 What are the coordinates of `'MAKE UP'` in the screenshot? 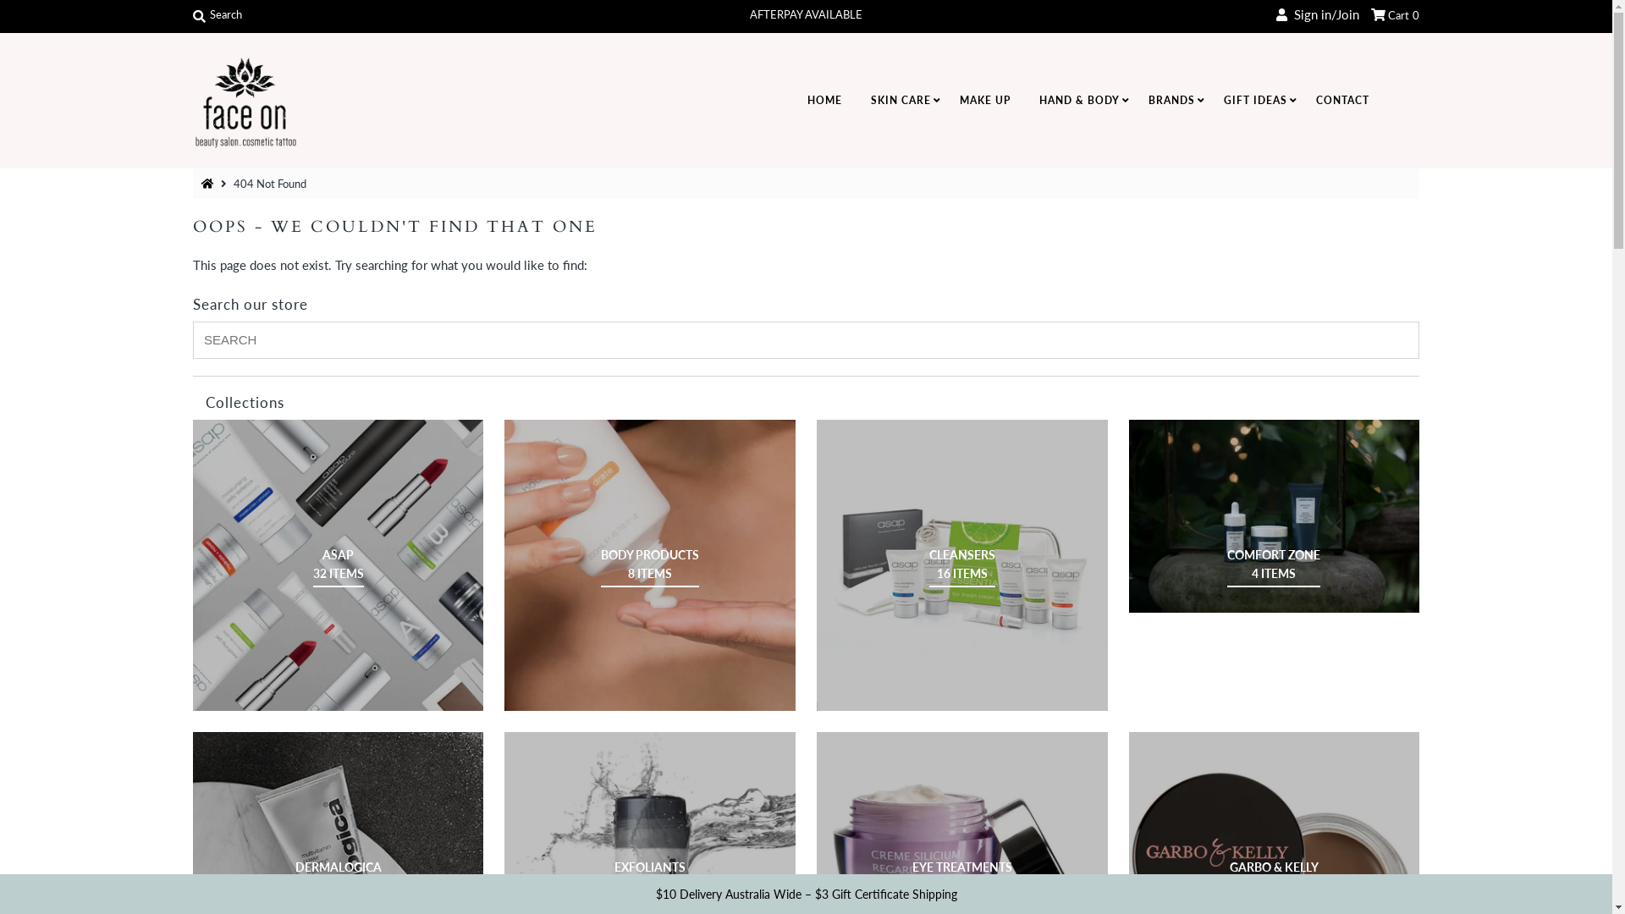 It's located at (983, 101).